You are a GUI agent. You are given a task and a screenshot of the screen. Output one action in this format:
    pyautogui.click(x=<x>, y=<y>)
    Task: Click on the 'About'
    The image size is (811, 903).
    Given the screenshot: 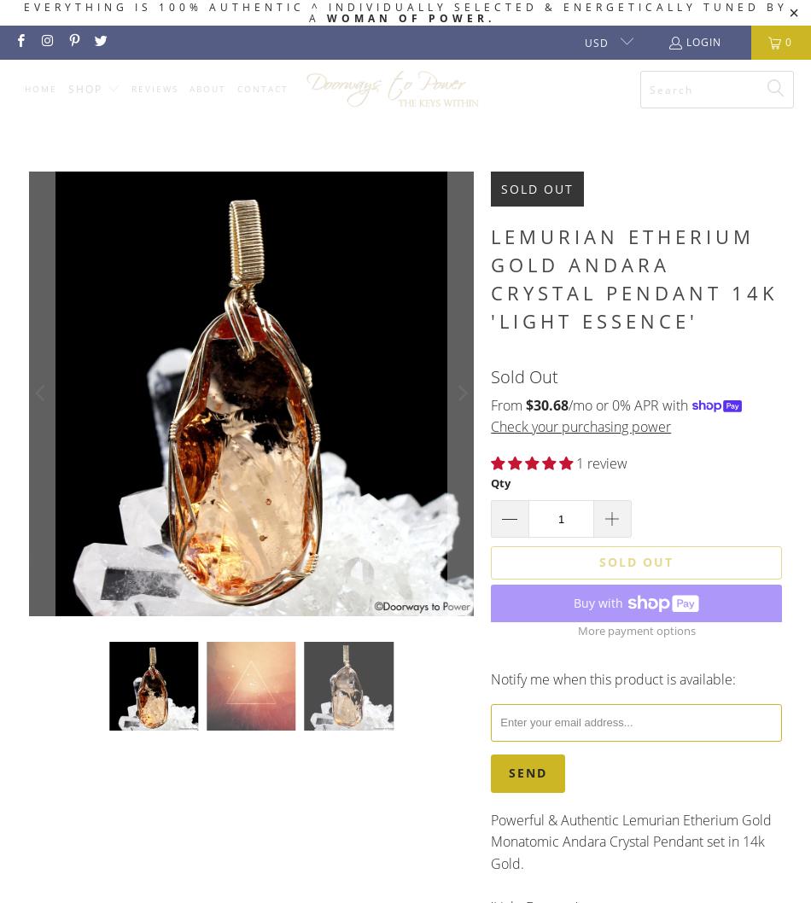 What is the action you would take?
    pyautogui.click(x=206, y=88)
    